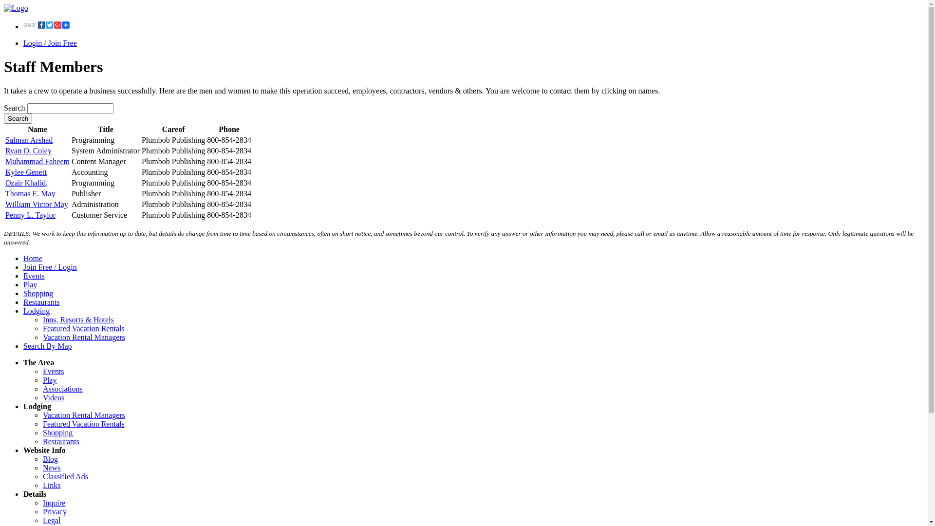 Image resolution: width=935 pixels, height=526 pixels. What do you see at coordinates (29, 140) in the screenshot?
I see `'Salman Arshad'` at bounding box center [29, 140].